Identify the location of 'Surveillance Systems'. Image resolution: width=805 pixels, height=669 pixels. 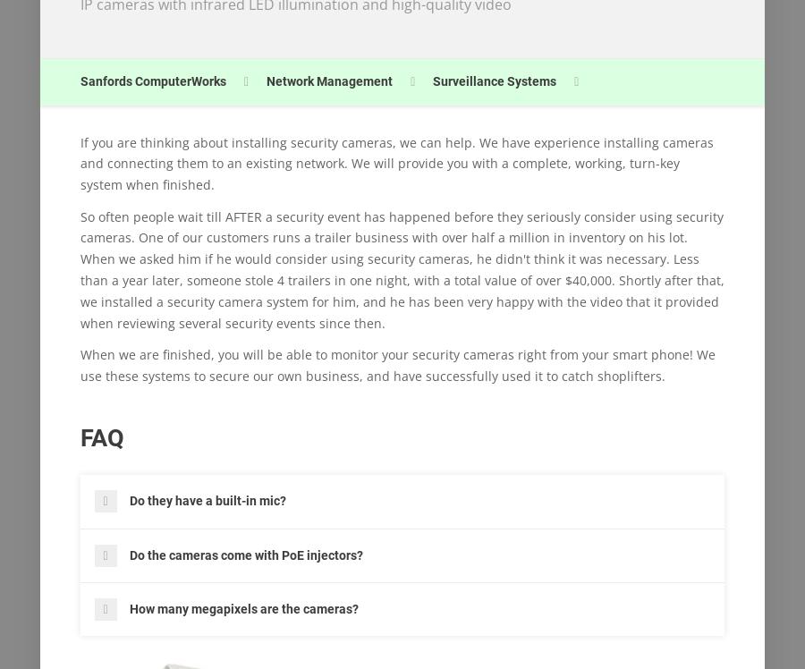
(493, 79).